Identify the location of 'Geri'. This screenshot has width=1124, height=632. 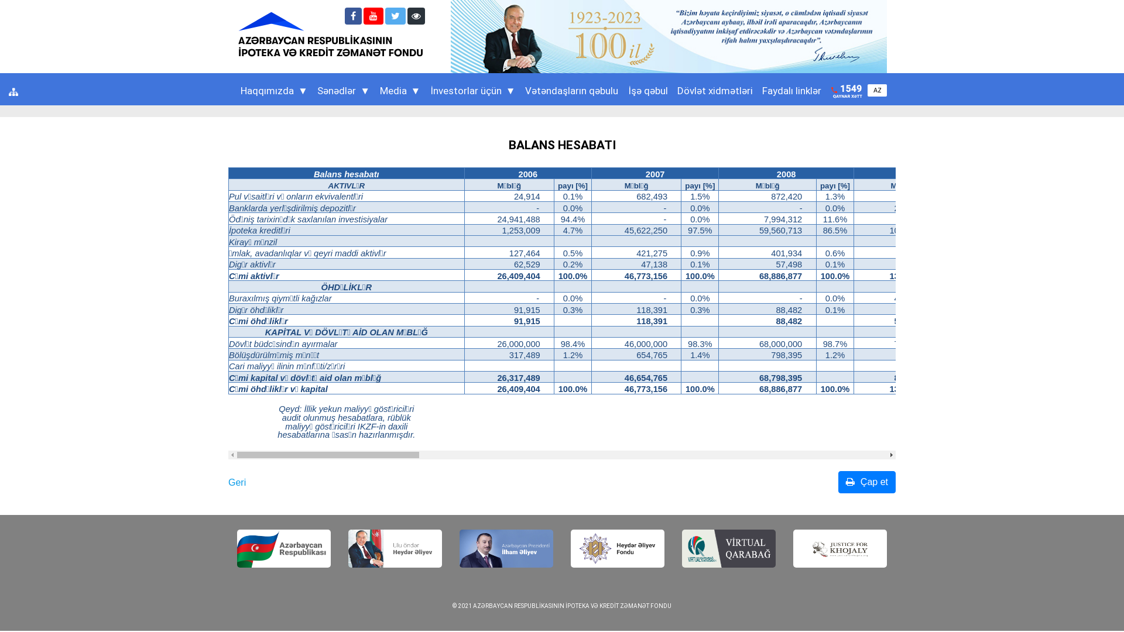
(236, 483).